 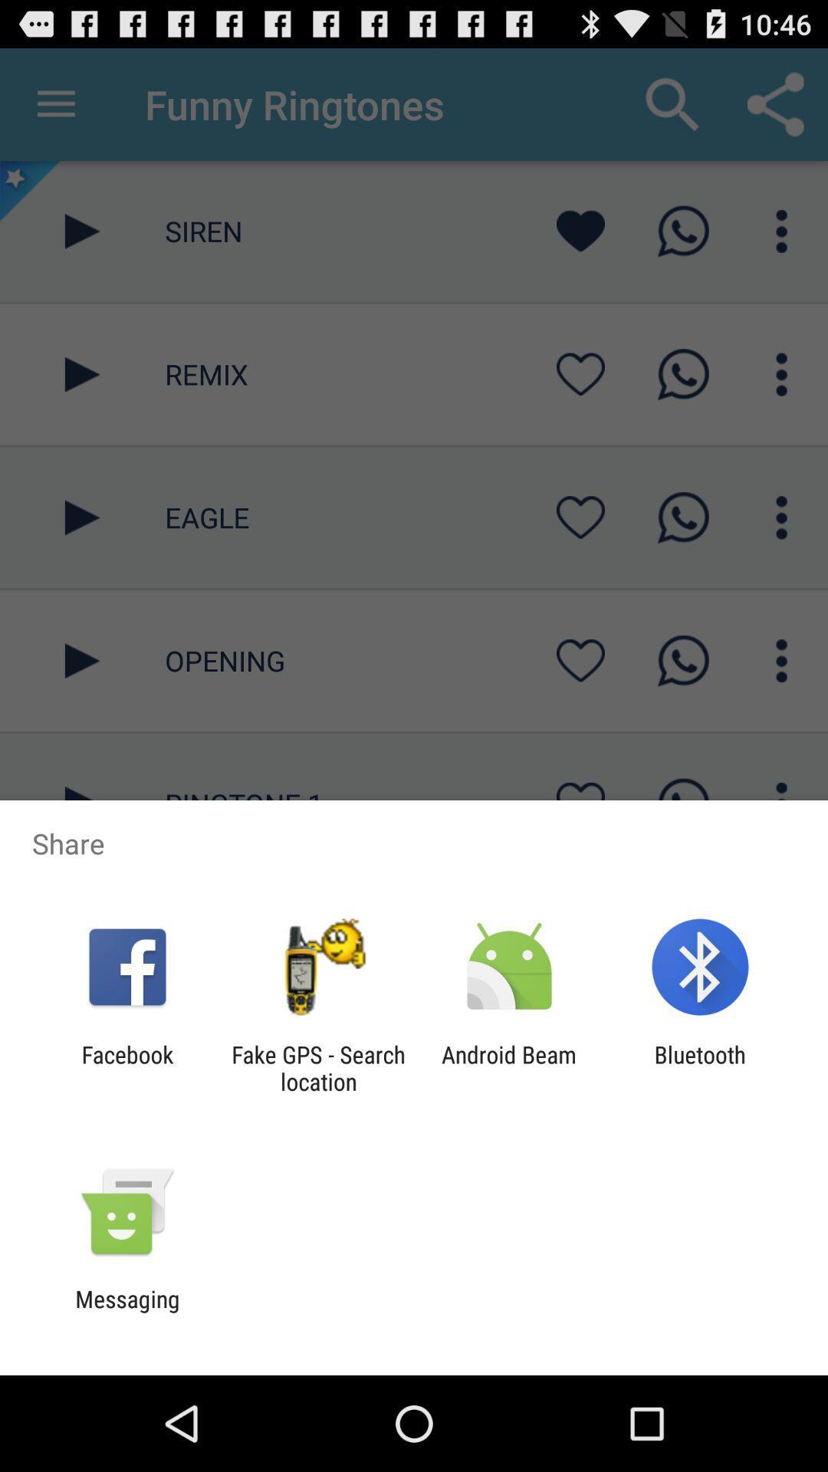 I want to click on app to the left of the fake gps search item, so click(x=127, y=1067).